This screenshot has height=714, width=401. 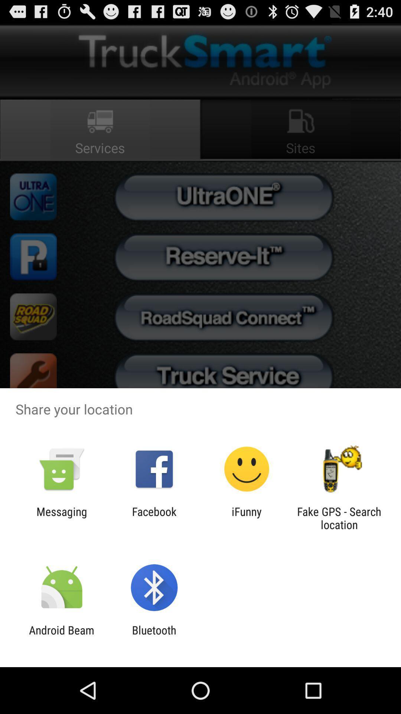 I want to click on the messaging, so click(x=61, y=518).